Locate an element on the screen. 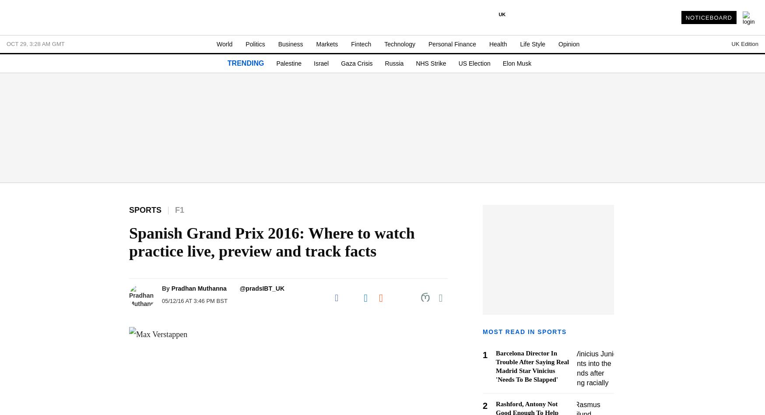 The height and width of the screenshot is (415, 765). 'India Edition' is located at coordinates (558, 102).